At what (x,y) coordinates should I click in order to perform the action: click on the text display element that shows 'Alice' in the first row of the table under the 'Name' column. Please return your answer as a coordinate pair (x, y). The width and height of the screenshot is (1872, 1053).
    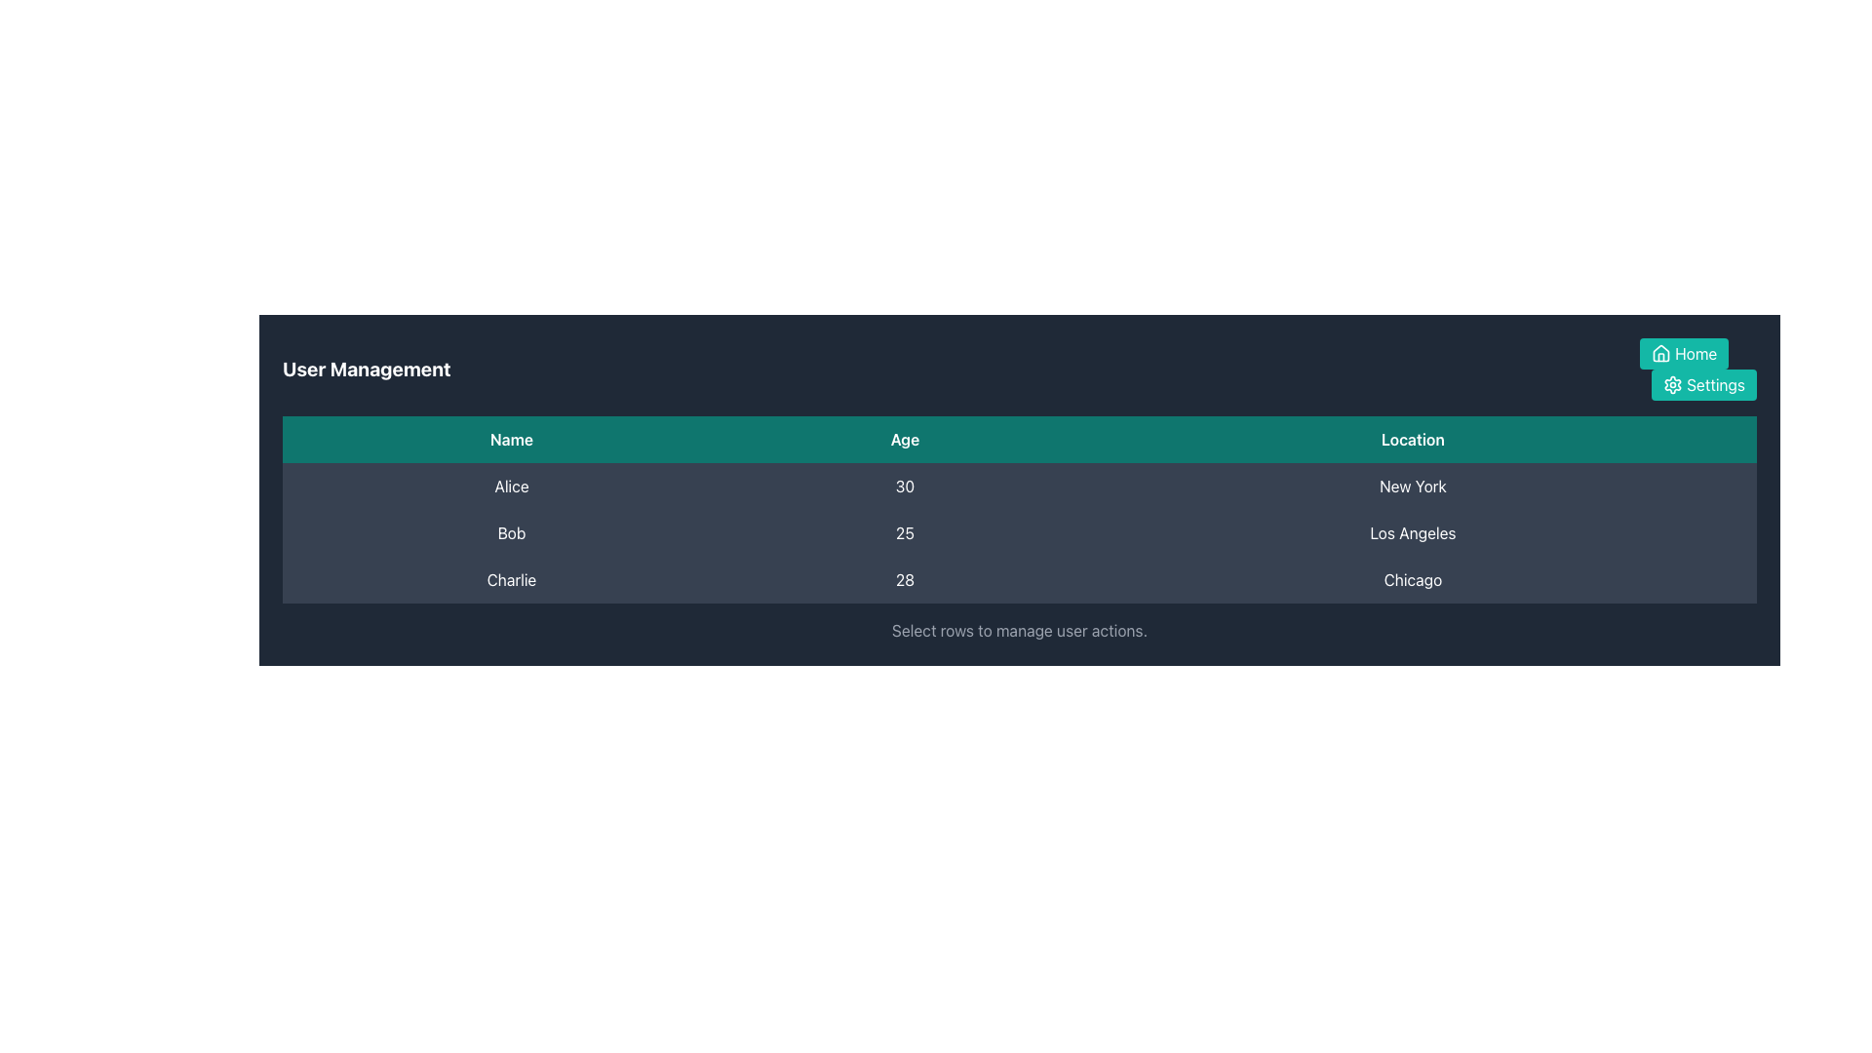
    Looking at the image, I should click on (511, 485).